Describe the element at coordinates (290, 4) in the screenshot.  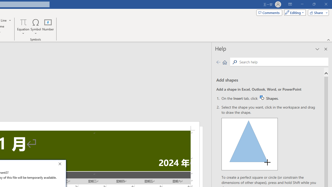
I see `'Ribbon Display Options'` at that location.